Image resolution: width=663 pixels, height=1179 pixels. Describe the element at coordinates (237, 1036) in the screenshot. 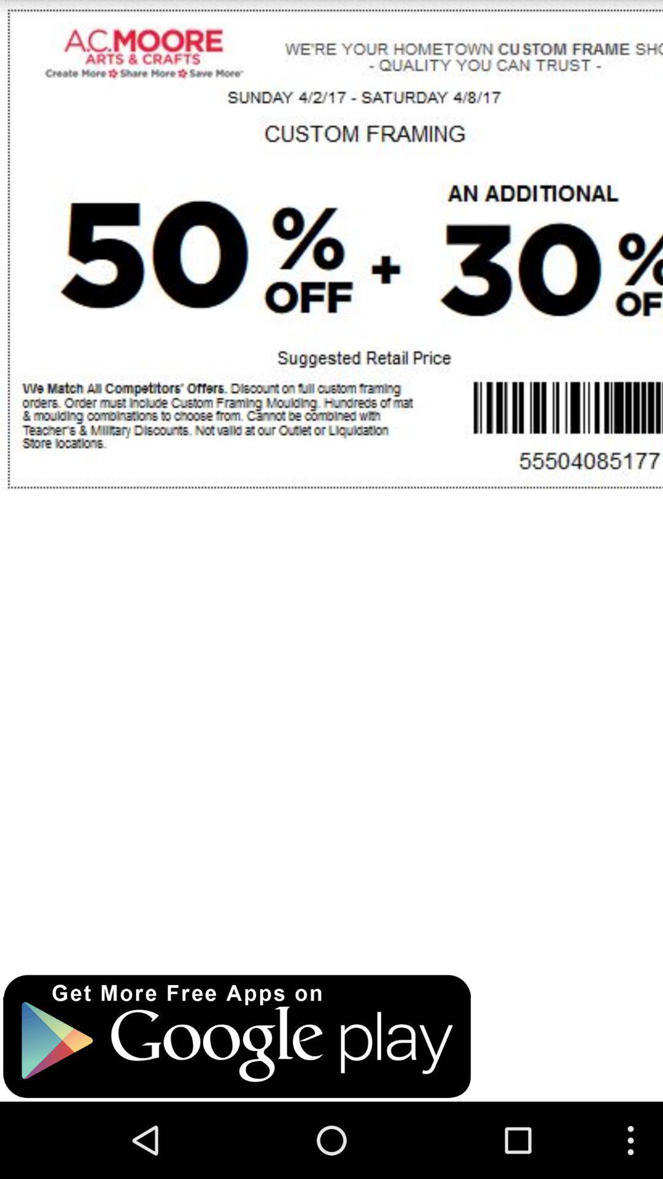

I see `app download` at that location.